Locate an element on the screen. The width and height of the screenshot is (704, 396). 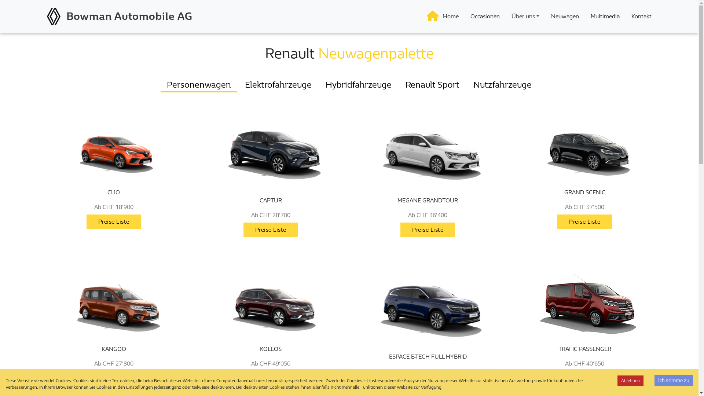
'Neuwagen' is located at coordinates (564, 16).